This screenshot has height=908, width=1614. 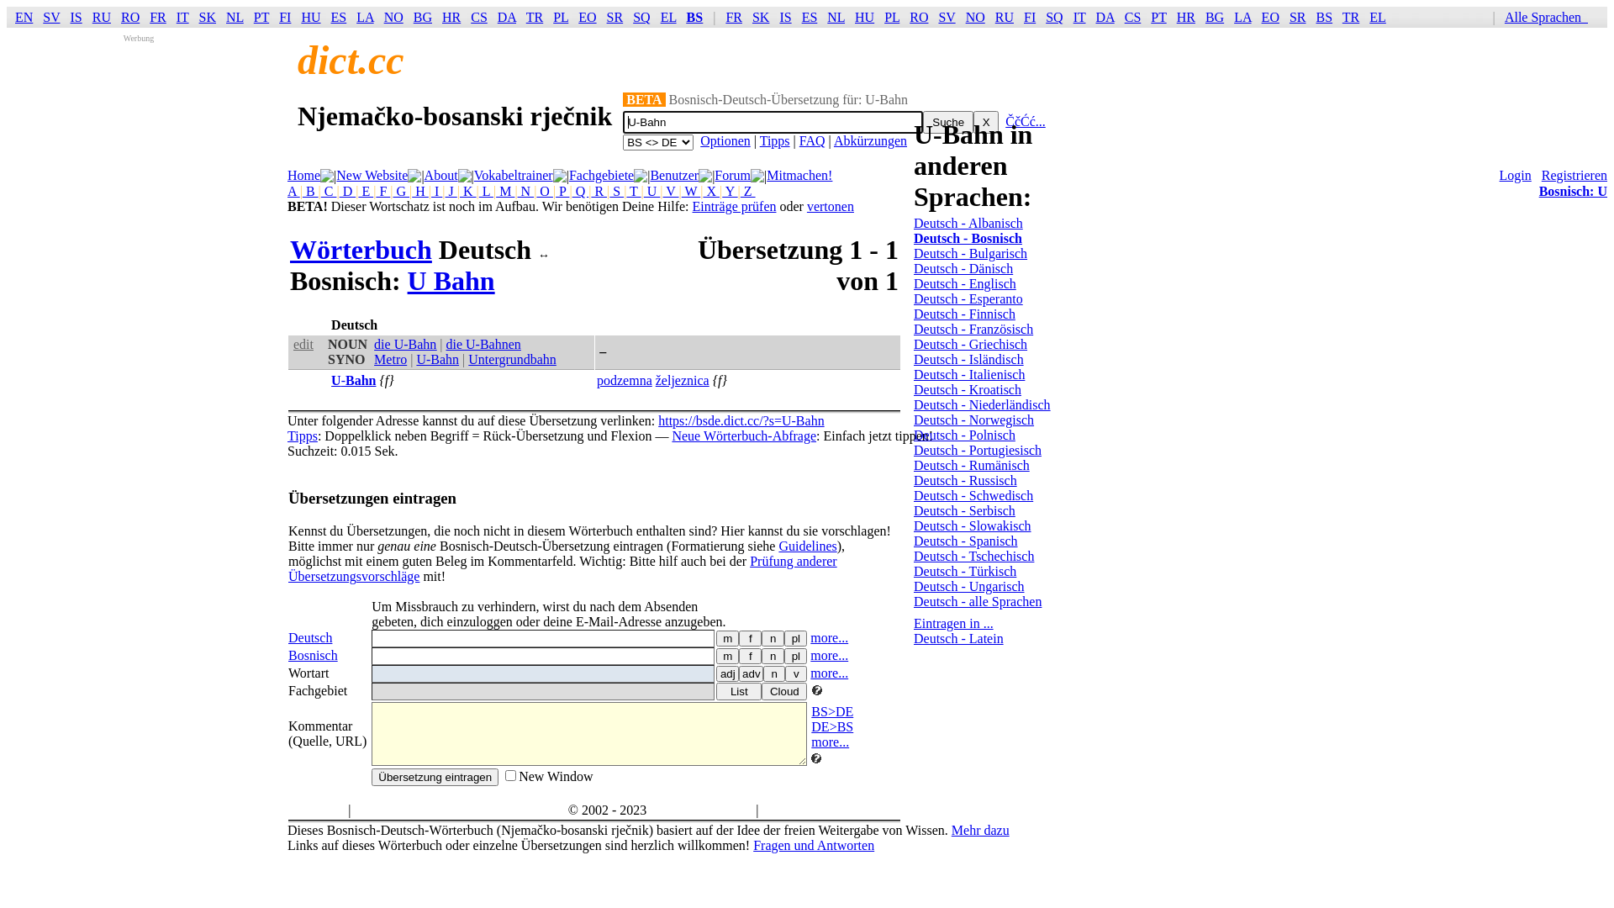 I want to click on 'die - weiblich (Femininum)', so click(x=749, y=638).